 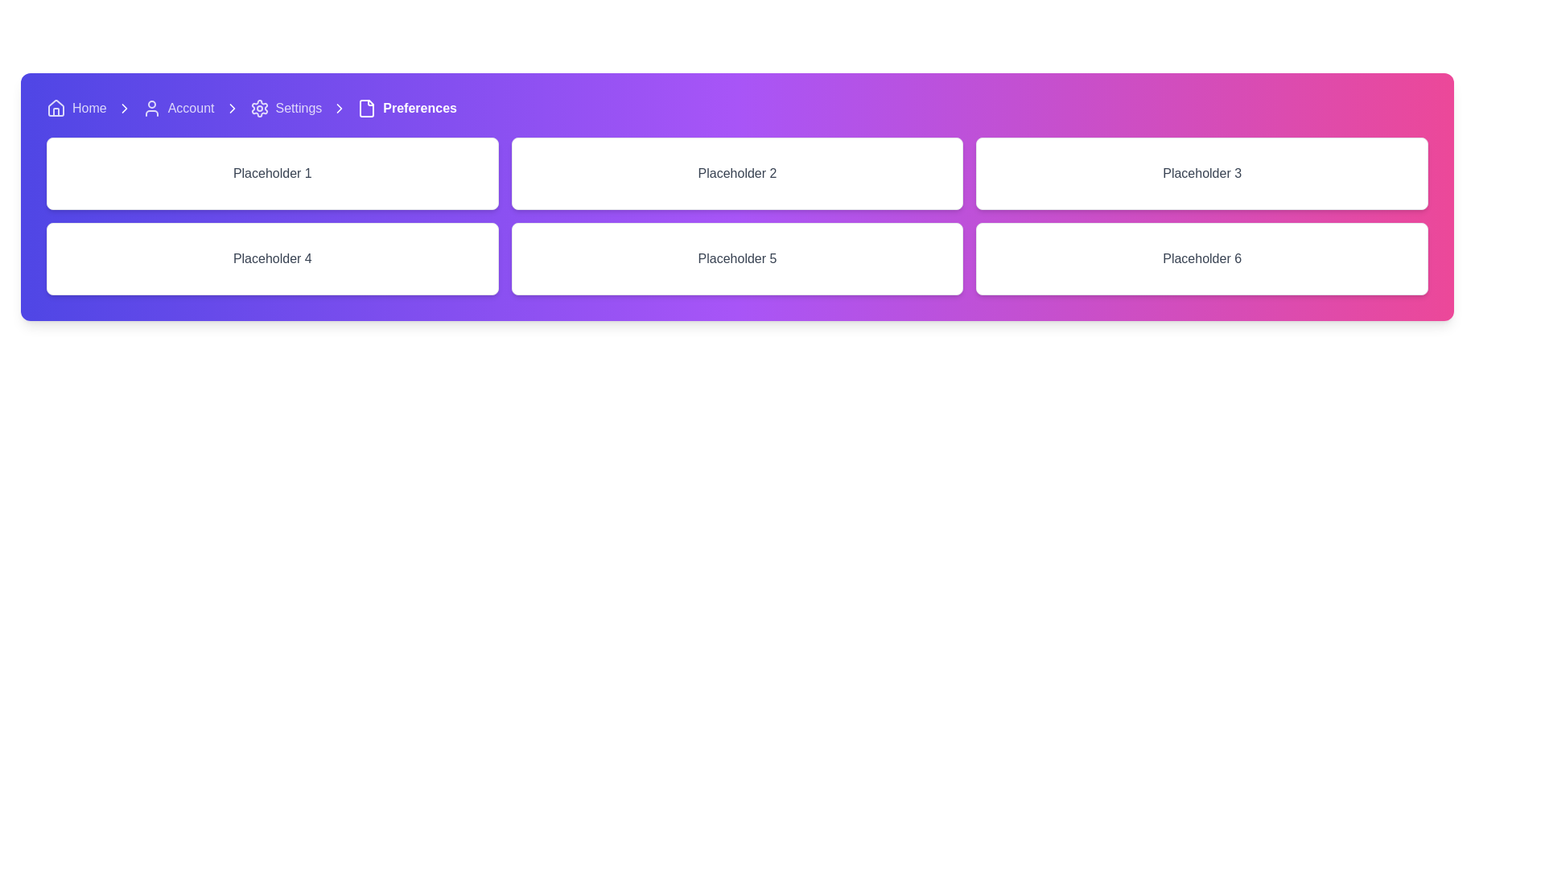 What do you see at coordinates (736, 109) in the screenshot?
I see `the breadcrumb navigation bar at the specified coordinates` at bounding box center [736, 109].